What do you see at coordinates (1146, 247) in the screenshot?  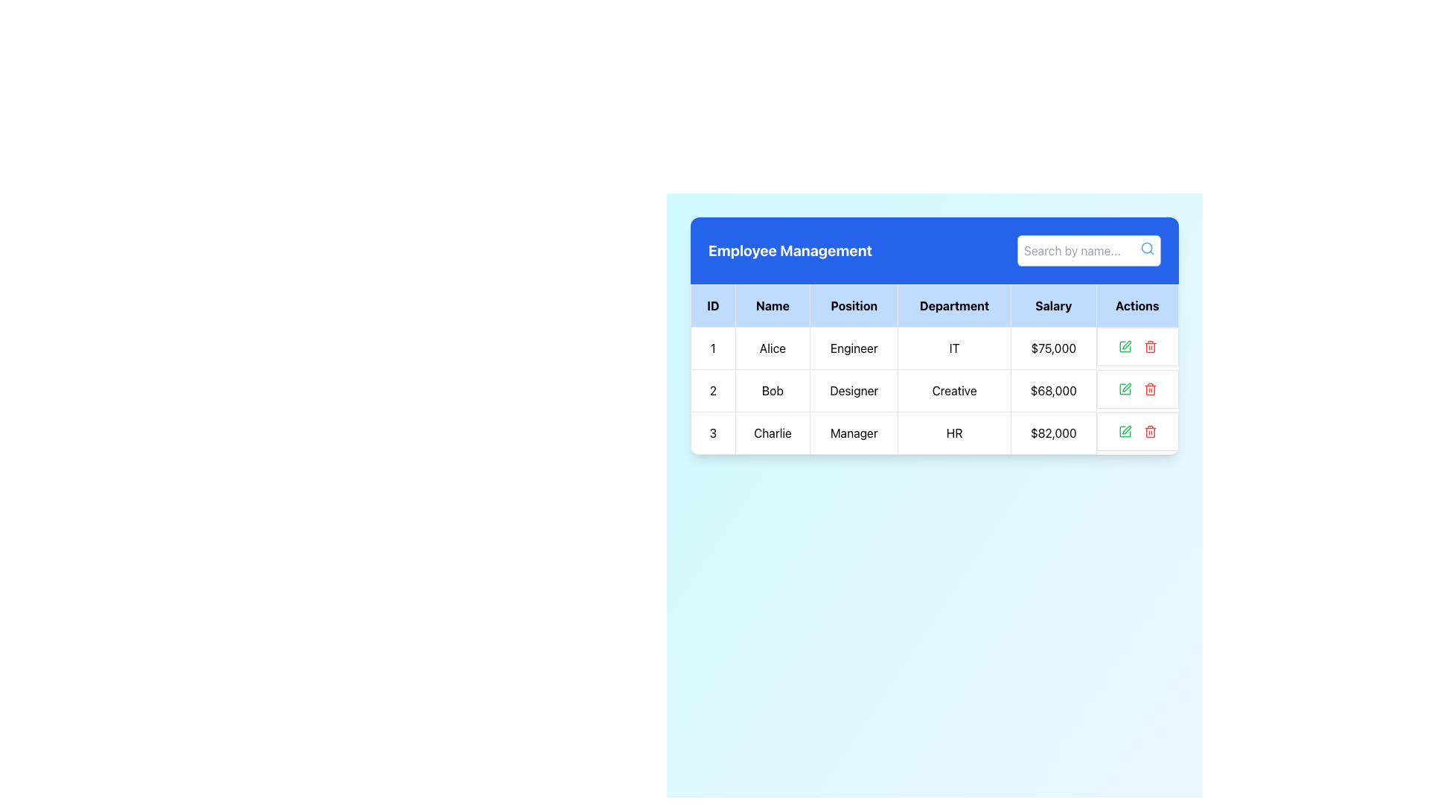 I see `the circular search icon` at bounding box center [1146, 247].